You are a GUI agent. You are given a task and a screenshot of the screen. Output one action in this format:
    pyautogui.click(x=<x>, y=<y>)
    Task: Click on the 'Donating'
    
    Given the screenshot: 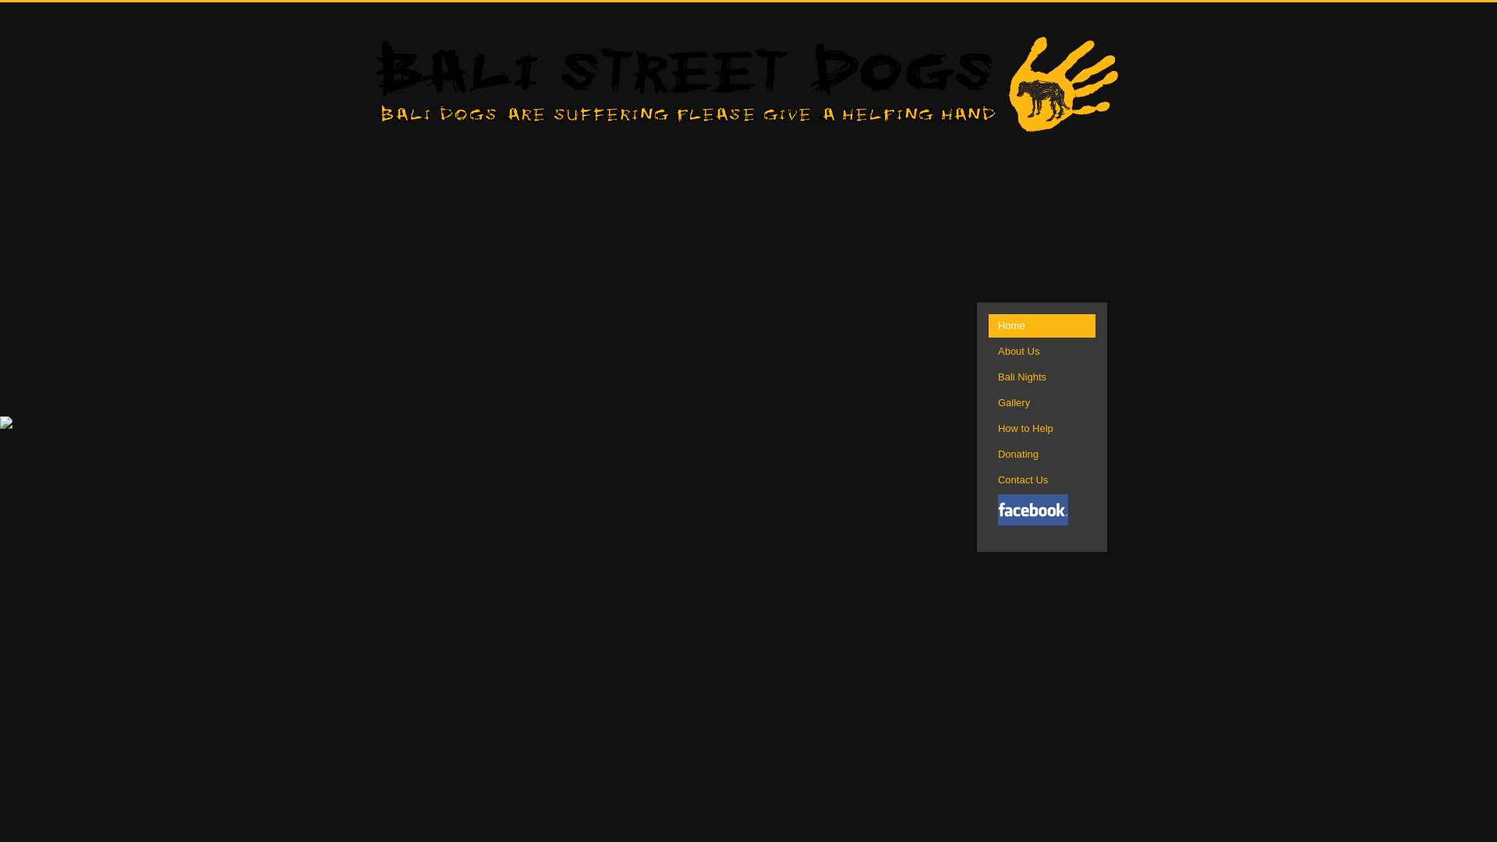 What is the action you would take?
    pyautogui.click(x=1042, y=454)
    